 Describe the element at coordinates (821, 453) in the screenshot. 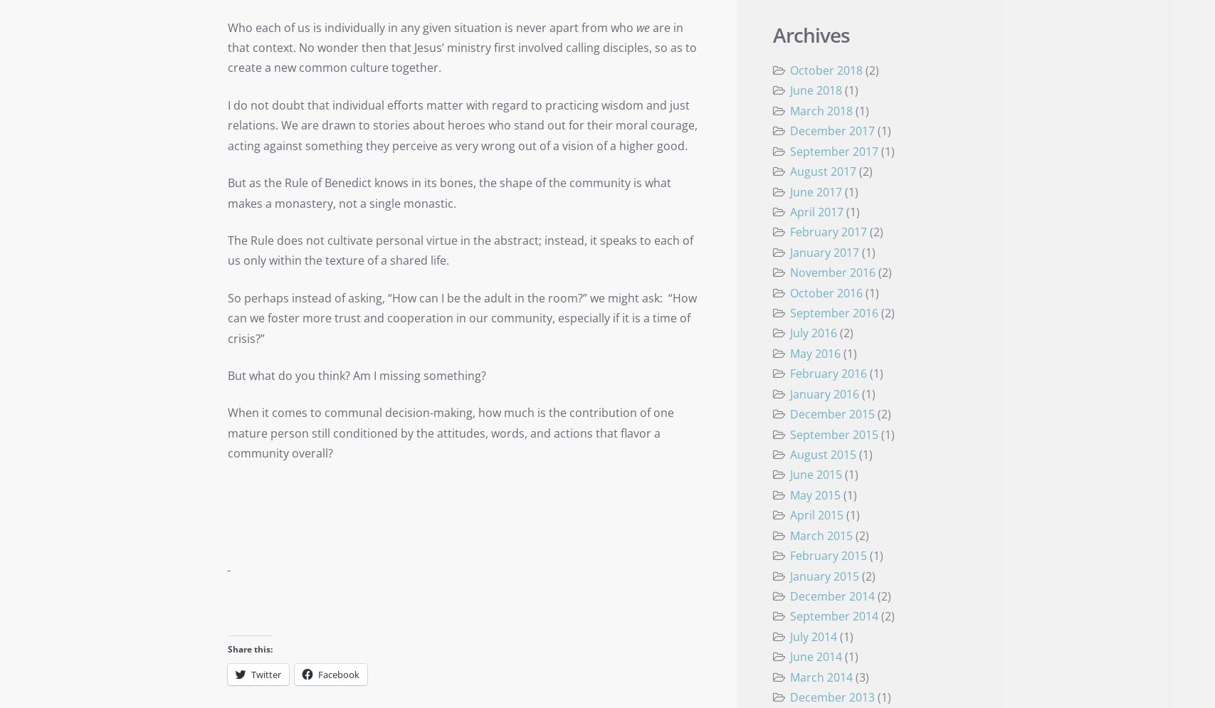

I see `'August 2015'` at that location.